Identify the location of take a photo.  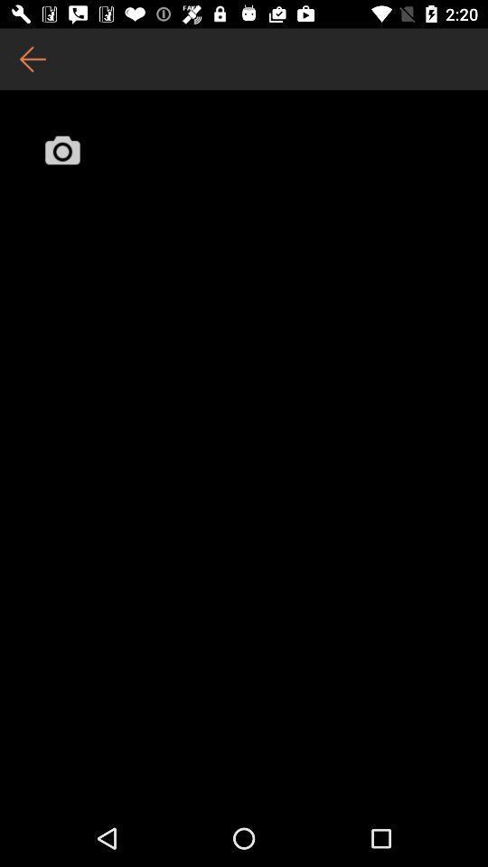
(61, 149).